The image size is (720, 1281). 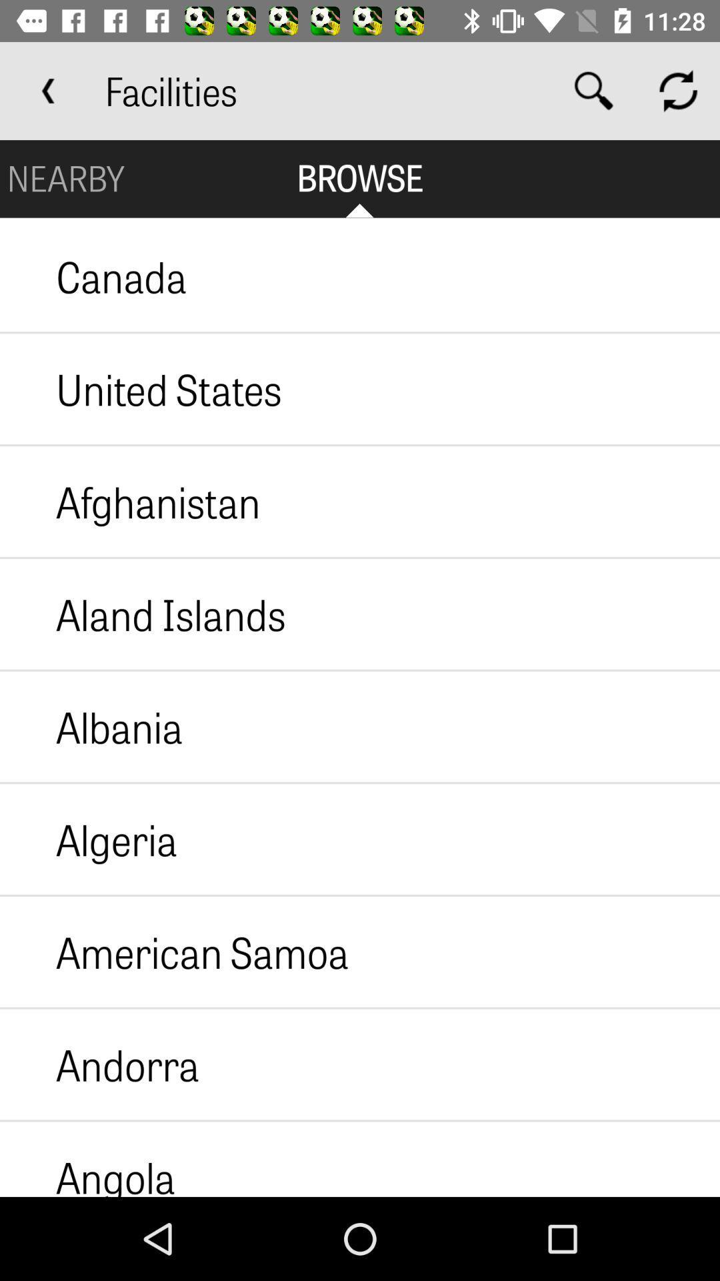 I want to click on the canada, so click(x=93, y=276).